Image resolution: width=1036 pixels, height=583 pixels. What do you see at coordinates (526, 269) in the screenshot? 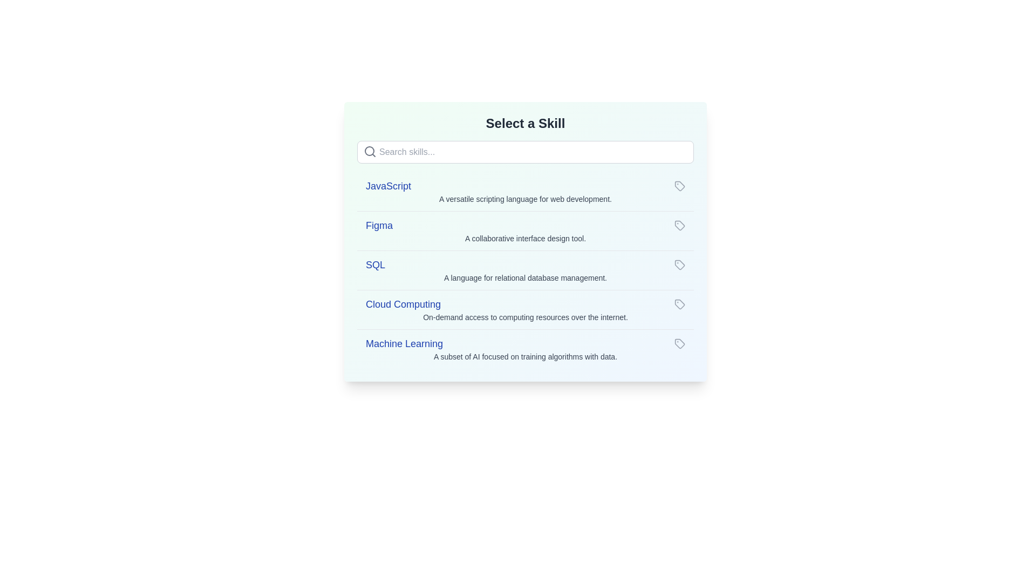
I see `the list item titled 'SQL' which is styled in bold, blue font and features a description in gray font` at bounding box center [526, 269].